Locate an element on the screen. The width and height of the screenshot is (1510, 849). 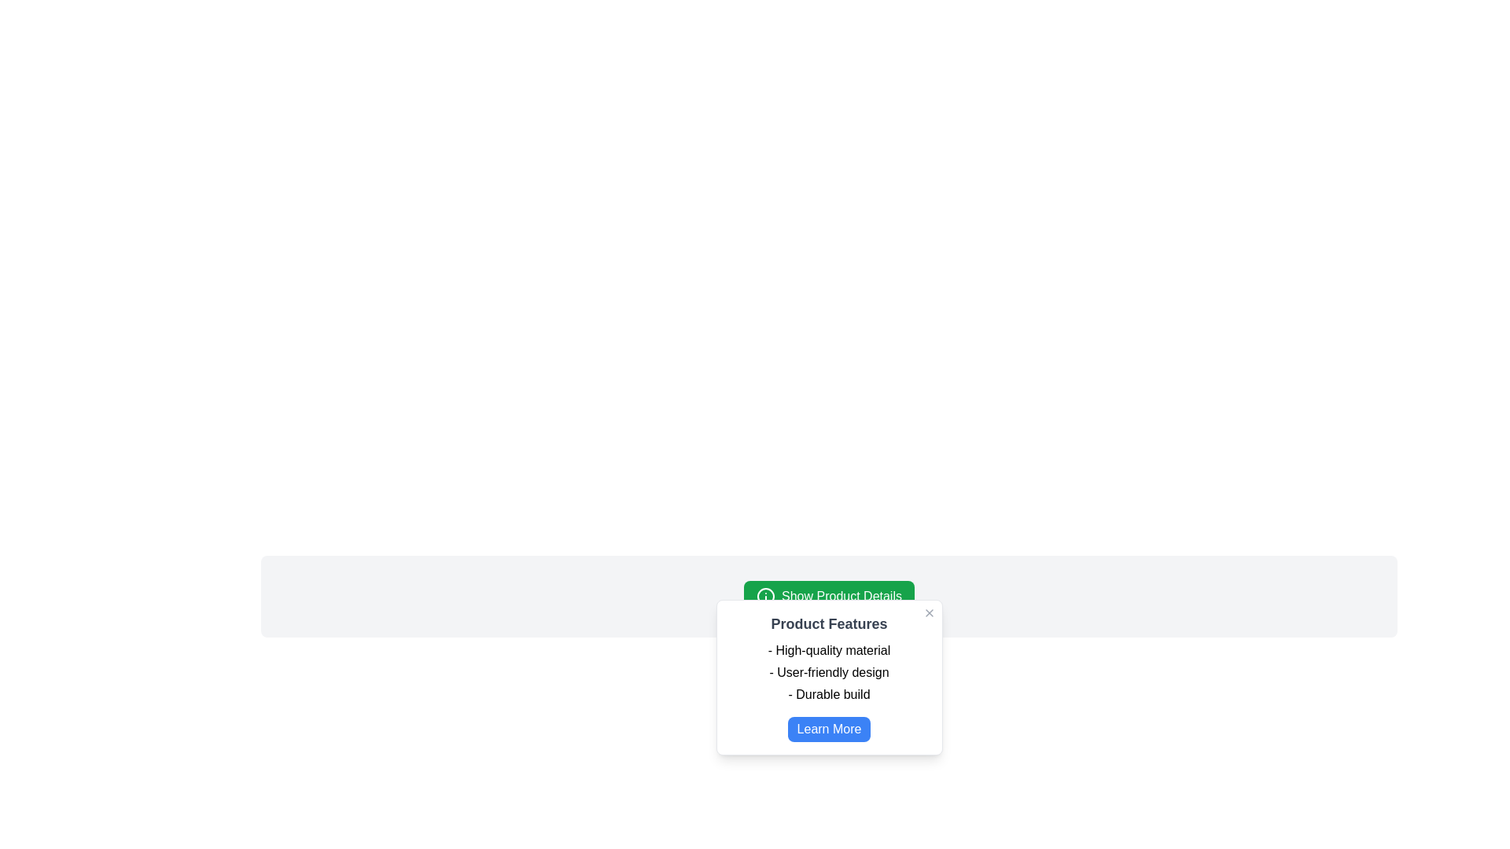
the text label '- High-quality material' in the 'Product Features' list, which is the first item in a bulleted list within a modal window is located at coordinates (828, 651).